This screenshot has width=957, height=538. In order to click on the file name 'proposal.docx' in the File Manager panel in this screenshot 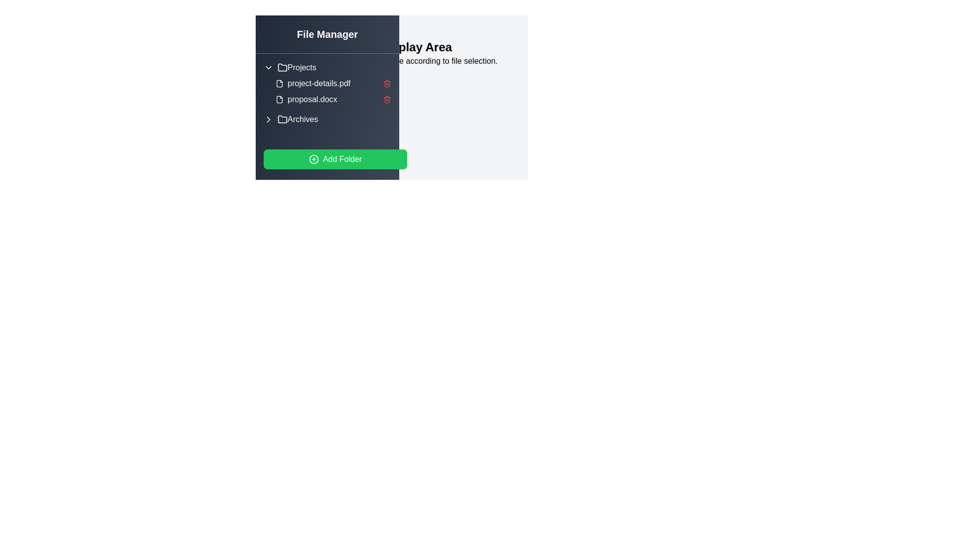, I will do `click(333, 100)`.